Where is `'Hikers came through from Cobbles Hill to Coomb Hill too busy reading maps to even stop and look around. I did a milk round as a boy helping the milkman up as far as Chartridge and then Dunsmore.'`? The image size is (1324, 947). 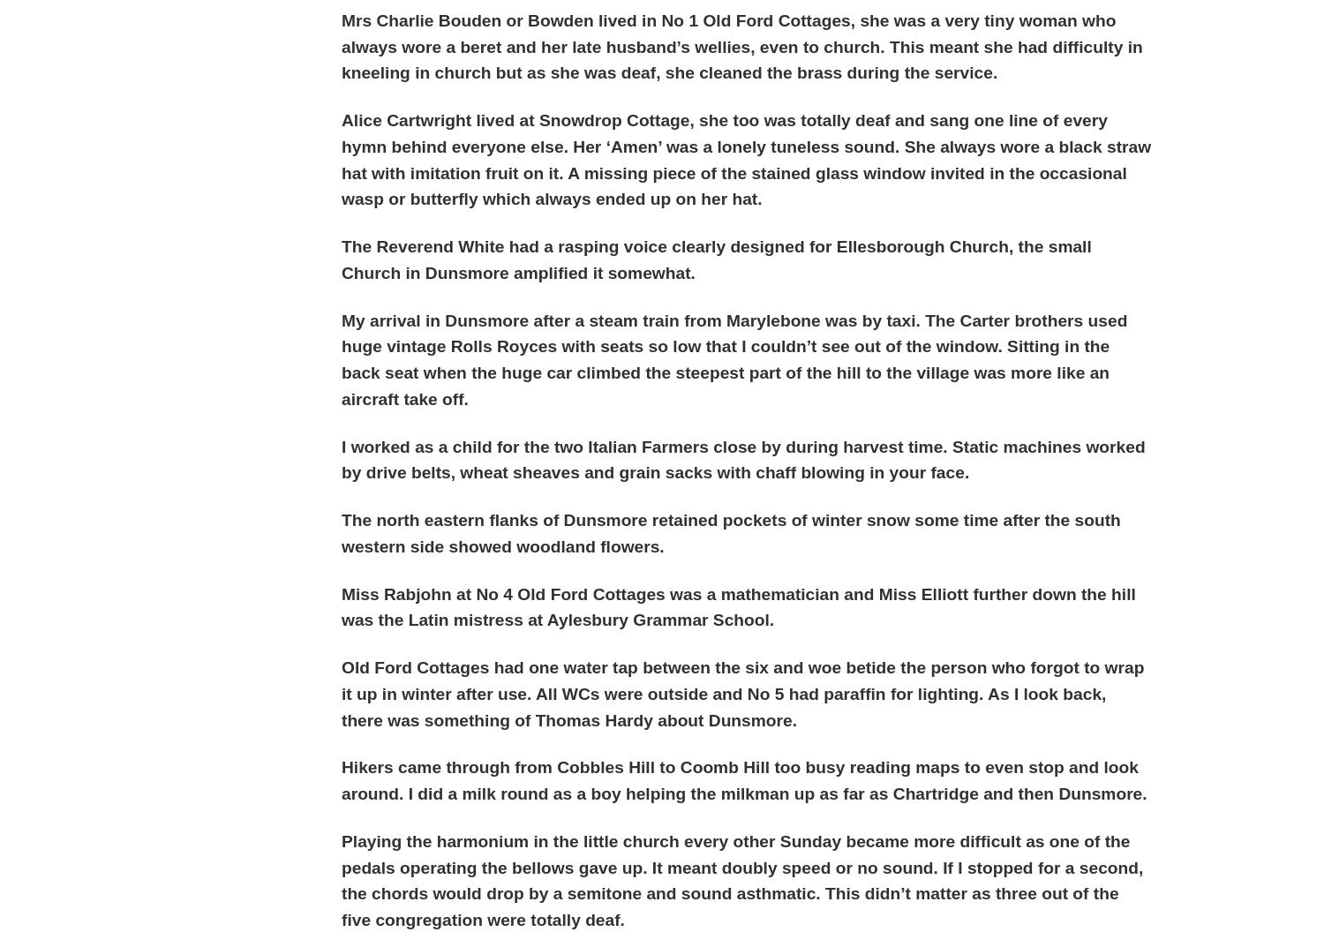 'Hikers came through from Cobbles Hill to Coomb Hill too busy reading maps to even stop and look around. I did a milk round as a boy helping the milkman up as far as Chartridge and then Dunsmore.' is located at coordinates (743, 779).